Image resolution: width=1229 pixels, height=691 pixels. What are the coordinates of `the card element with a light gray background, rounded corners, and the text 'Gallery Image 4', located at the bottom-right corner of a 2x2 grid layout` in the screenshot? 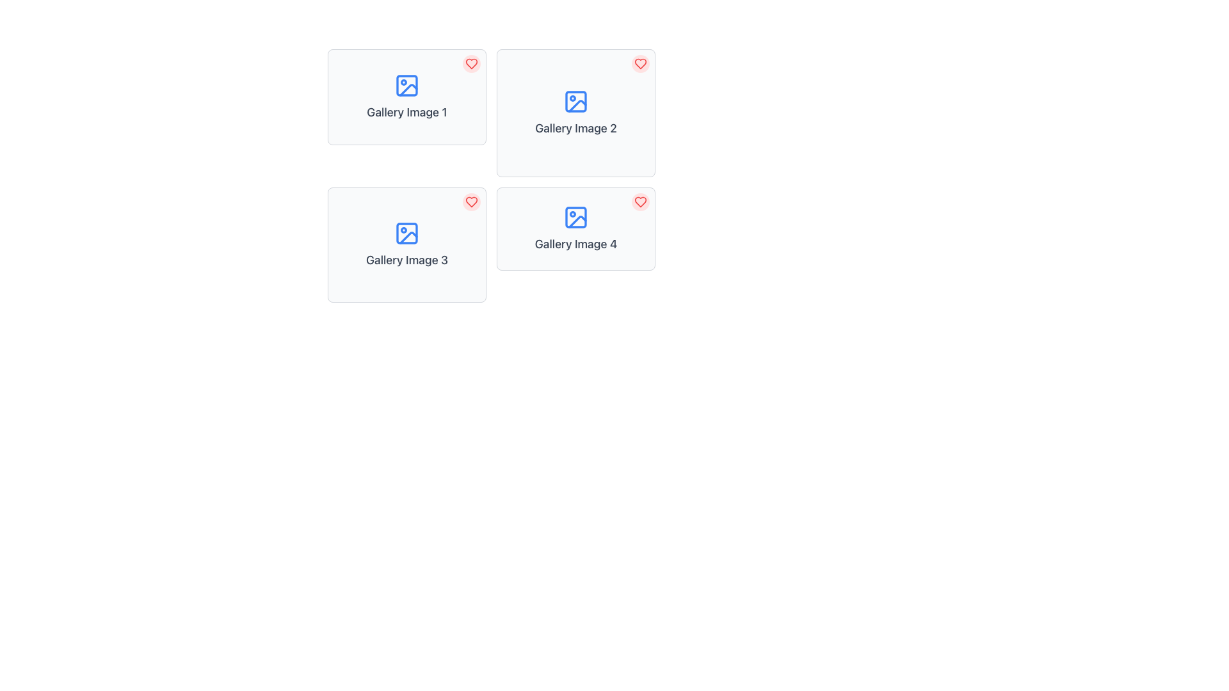 It's located at (575, 228).